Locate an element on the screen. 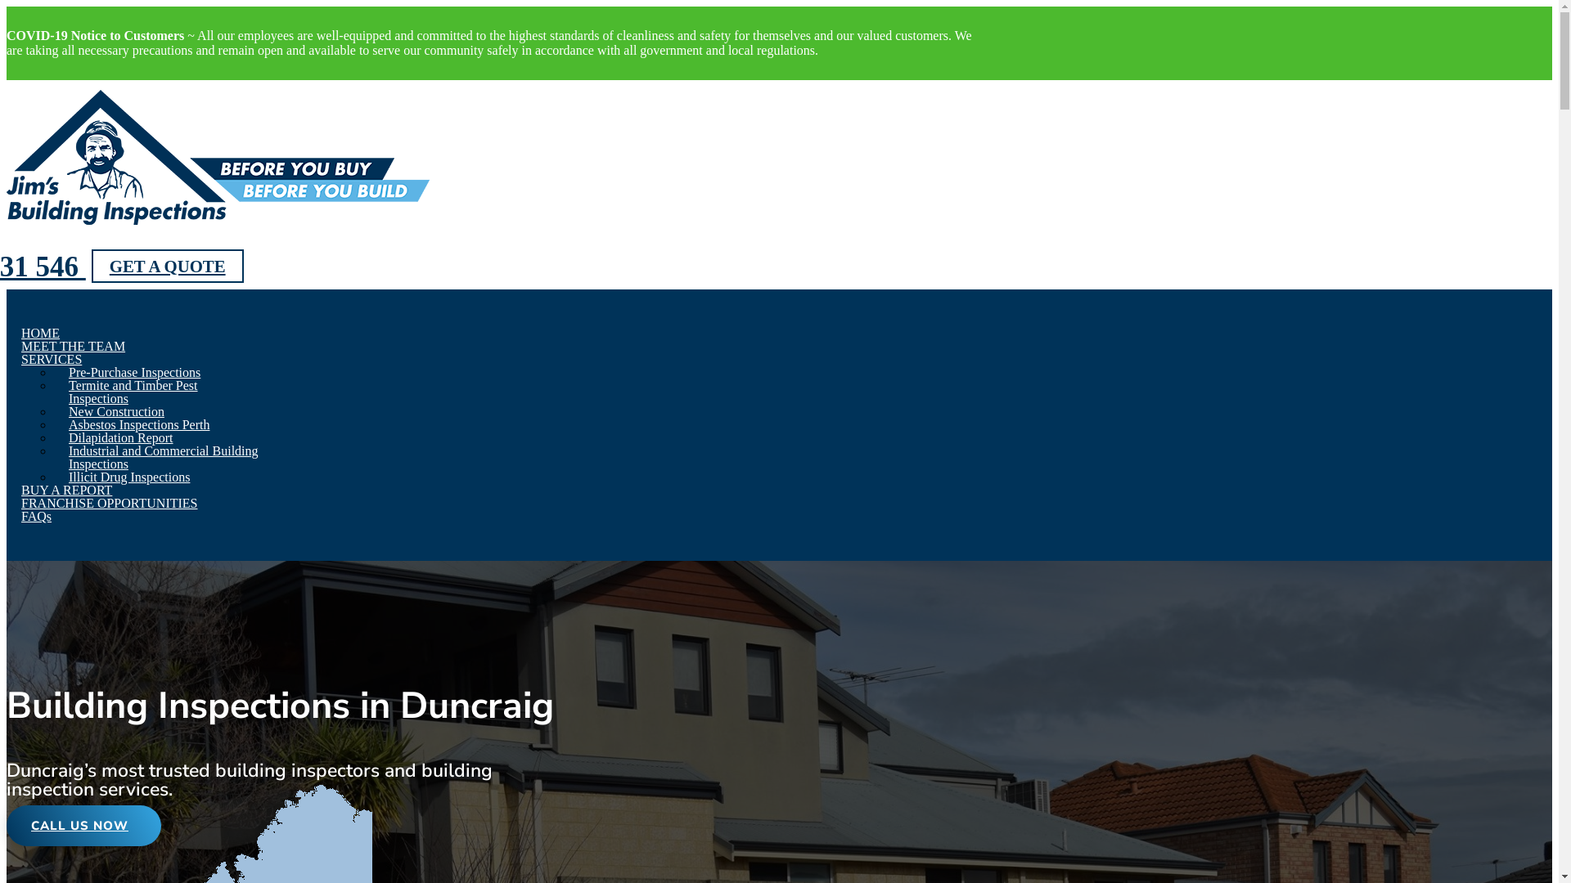 Image resolution: width=1571 pixels, height=883 pixels. 'Pre-Purchase Inspections' is located at coordinates (134, 372).